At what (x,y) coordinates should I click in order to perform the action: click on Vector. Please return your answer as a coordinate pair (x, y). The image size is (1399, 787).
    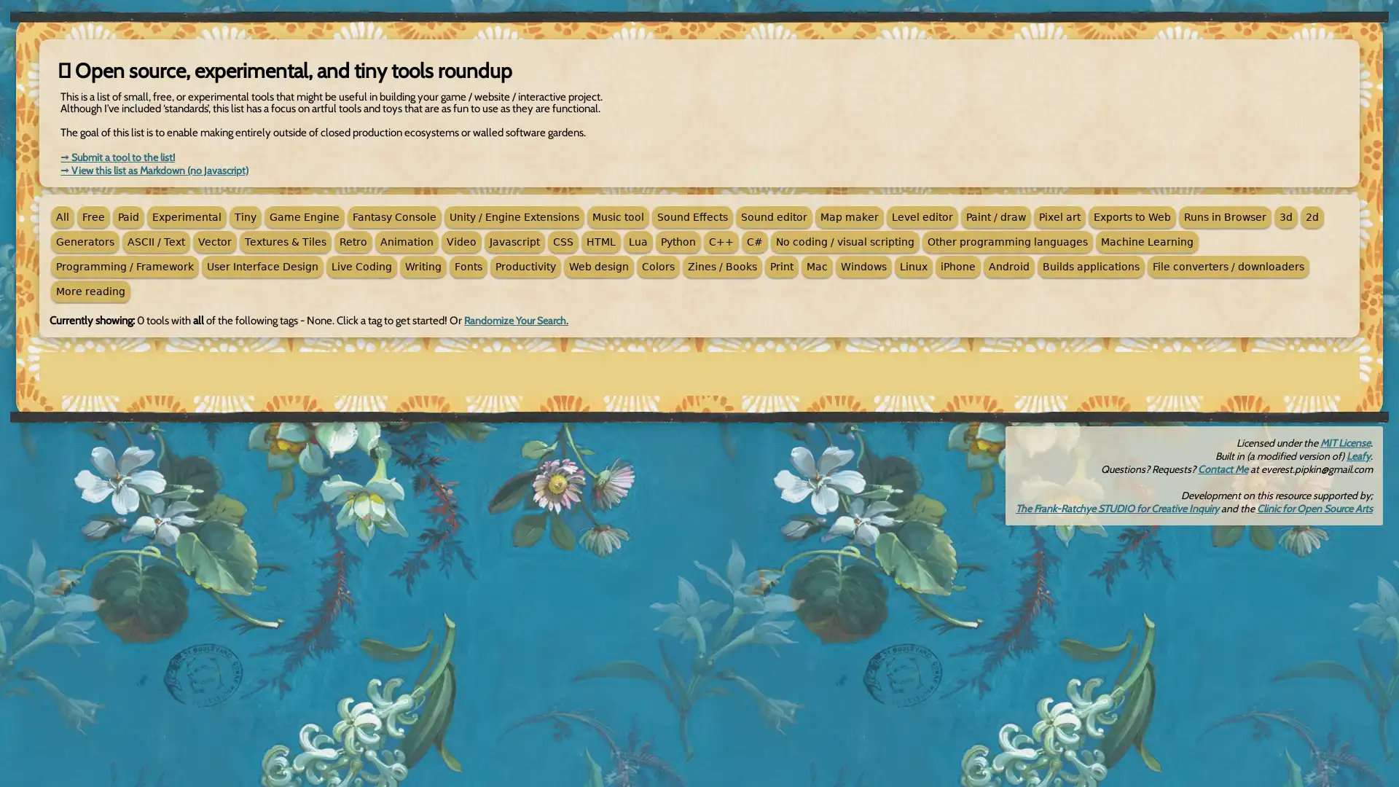
    Looking at the image, I should click on (213, 240).